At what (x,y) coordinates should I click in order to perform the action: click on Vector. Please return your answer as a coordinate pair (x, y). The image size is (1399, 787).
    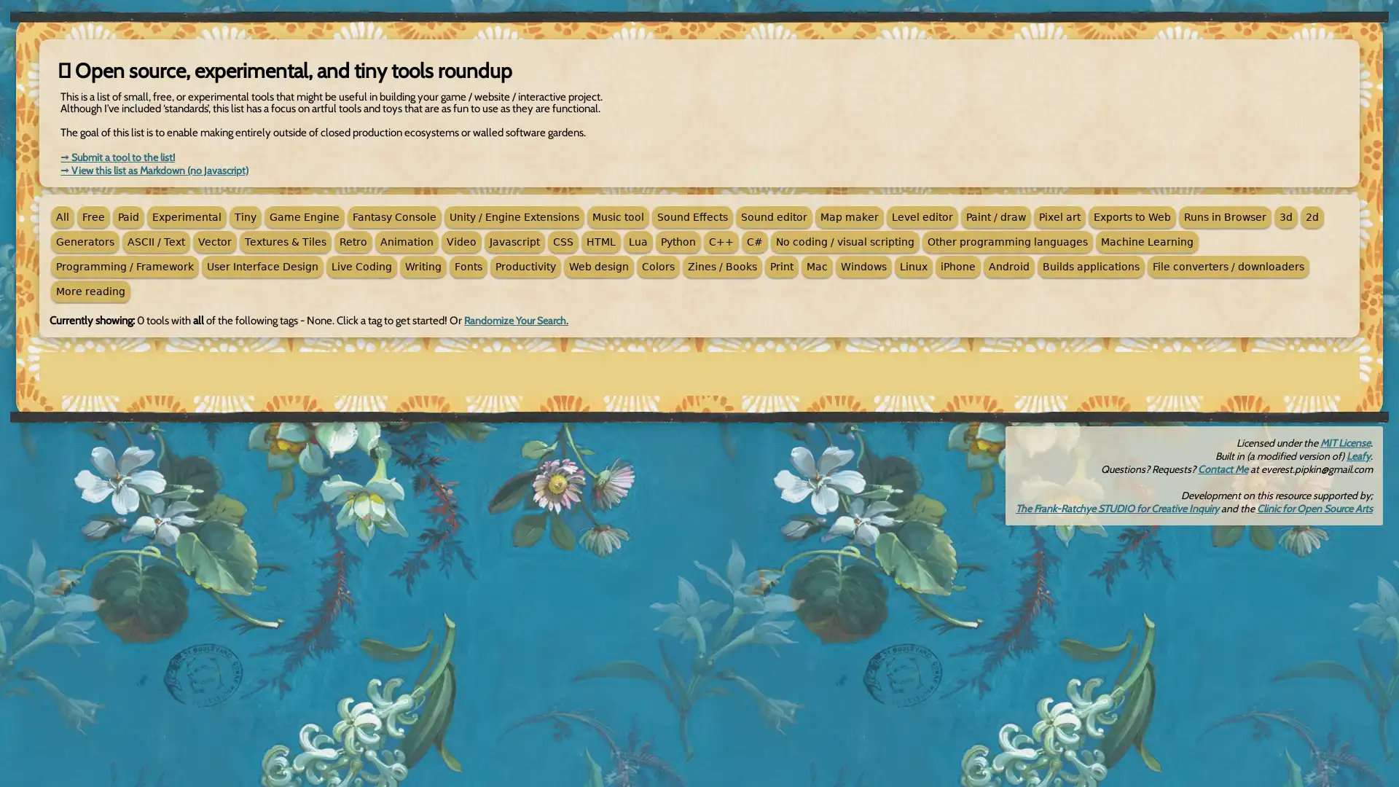
    Looking at the image, I should click on (213, 240).